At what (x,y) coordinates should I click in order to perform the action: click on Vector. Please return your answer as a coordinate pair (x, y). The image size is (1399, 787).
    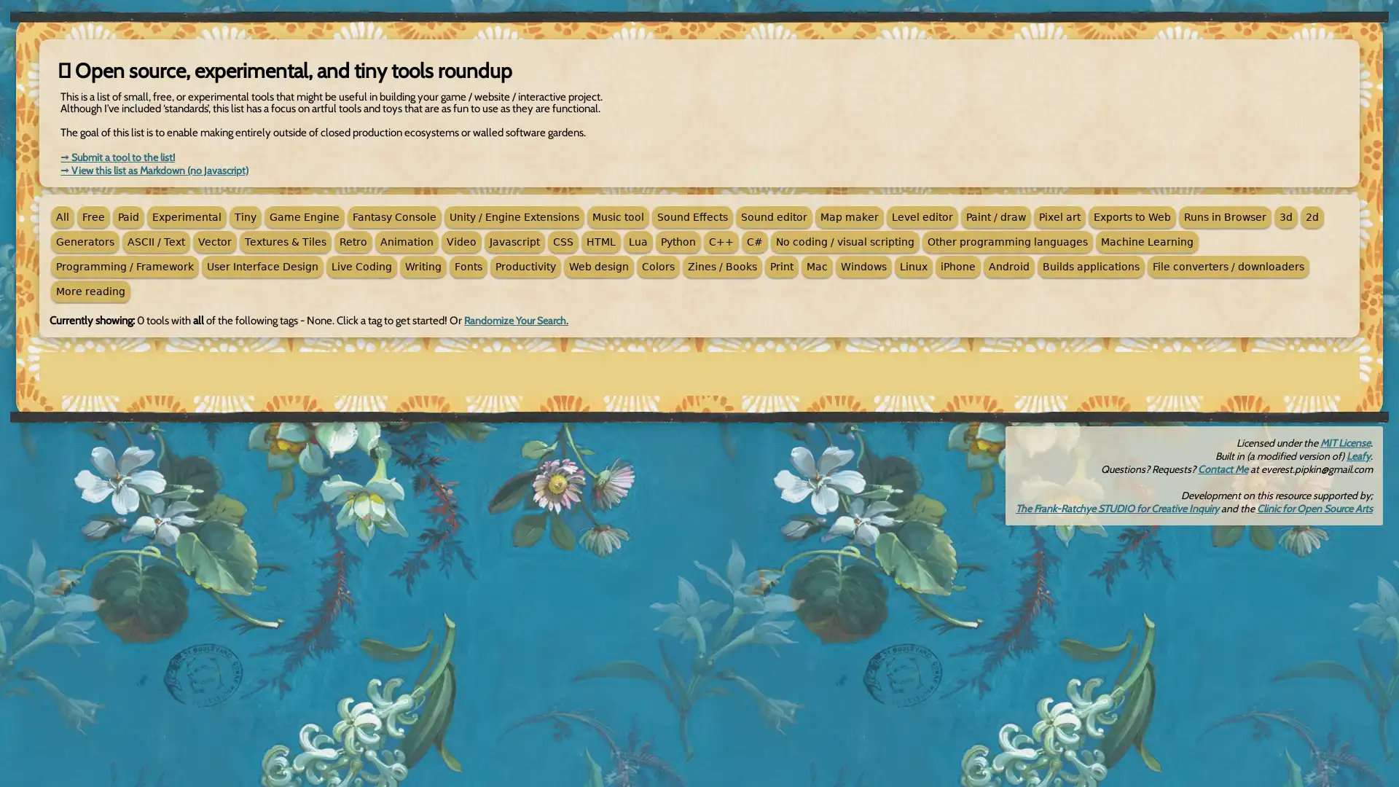
    Looking at the image, I should click on (213, 240).